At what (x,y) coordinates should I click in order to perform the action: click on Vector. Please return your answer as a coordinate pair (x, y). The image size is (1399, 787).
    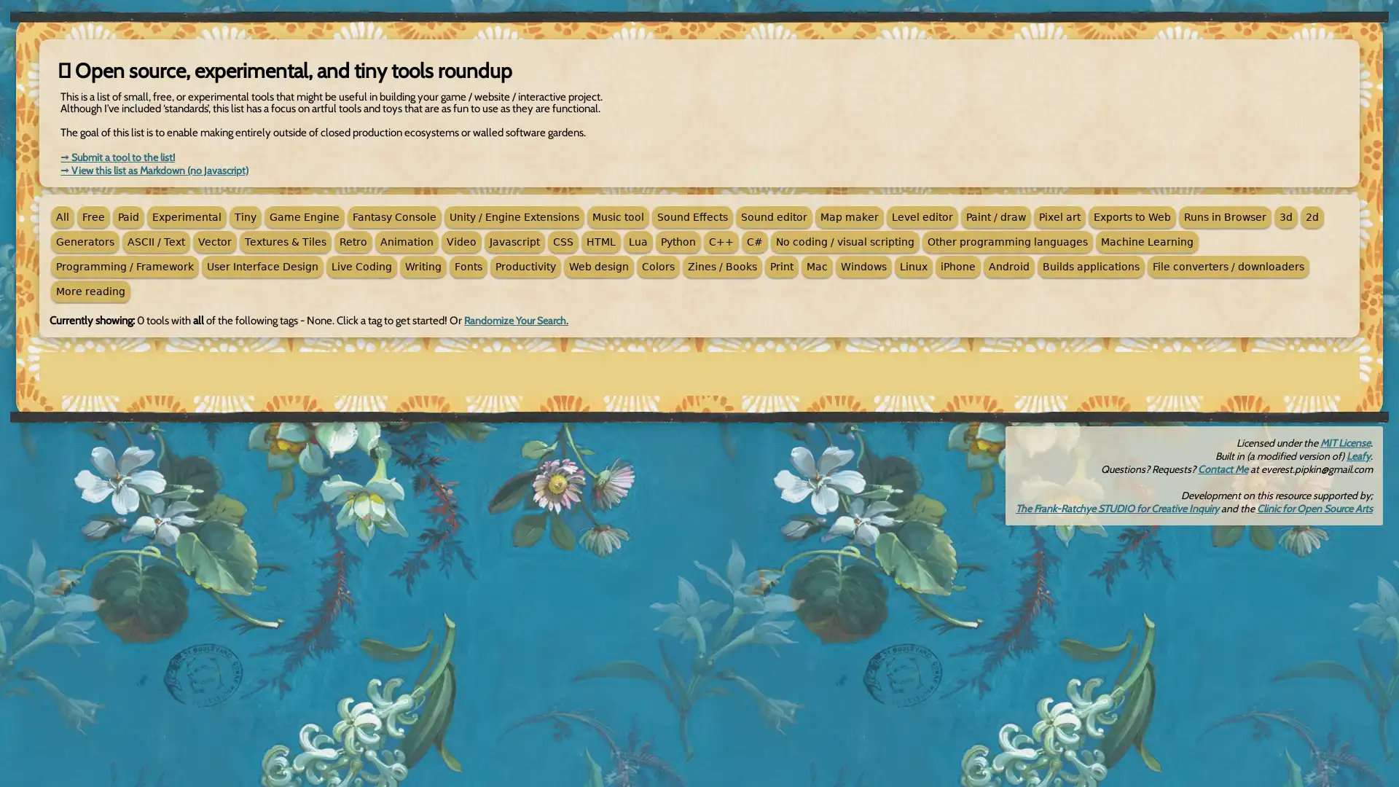
    Looking at the image, I should click on (213, 240).